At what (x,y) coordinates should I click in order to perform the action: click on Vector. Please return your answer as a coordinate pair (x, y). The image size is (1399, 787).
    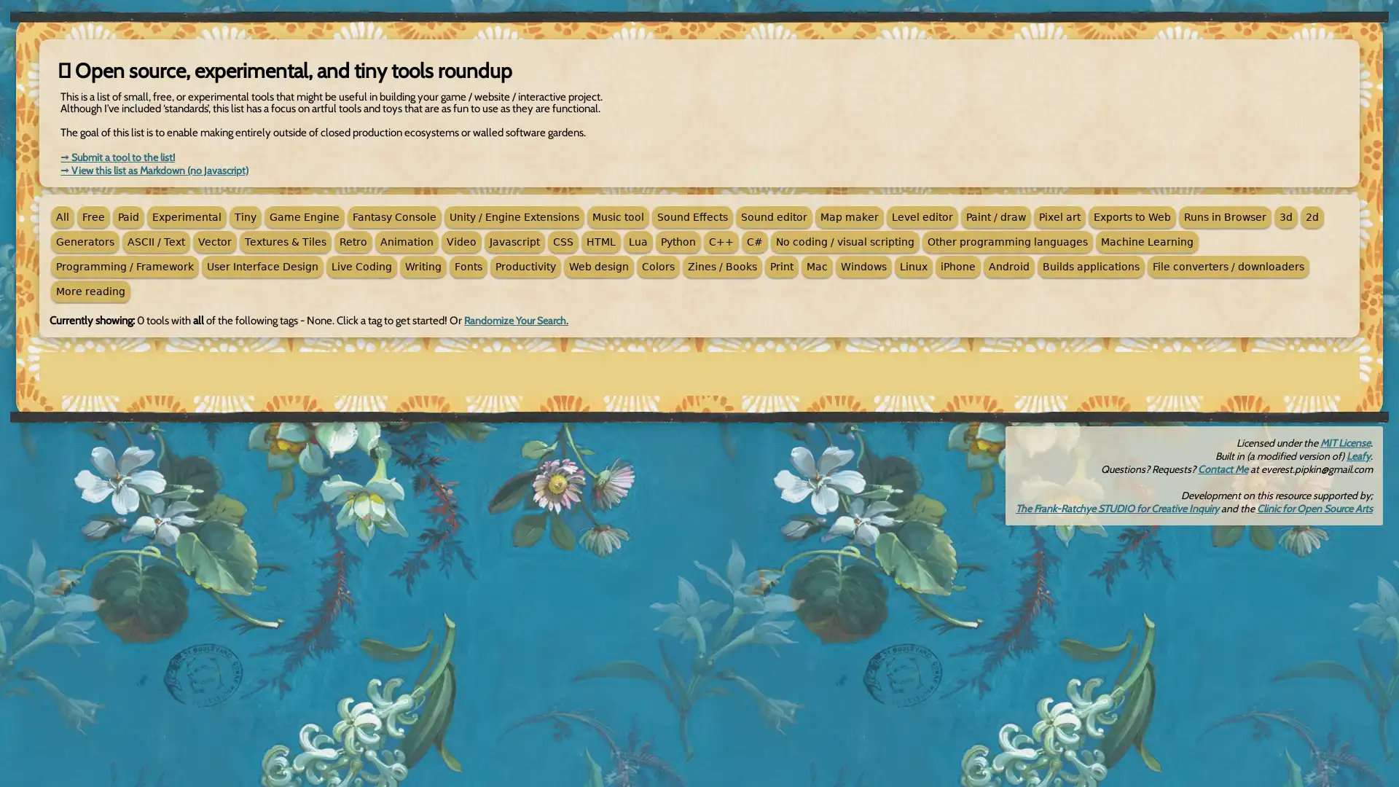
    Looking at the image, I should click on (213, 240).